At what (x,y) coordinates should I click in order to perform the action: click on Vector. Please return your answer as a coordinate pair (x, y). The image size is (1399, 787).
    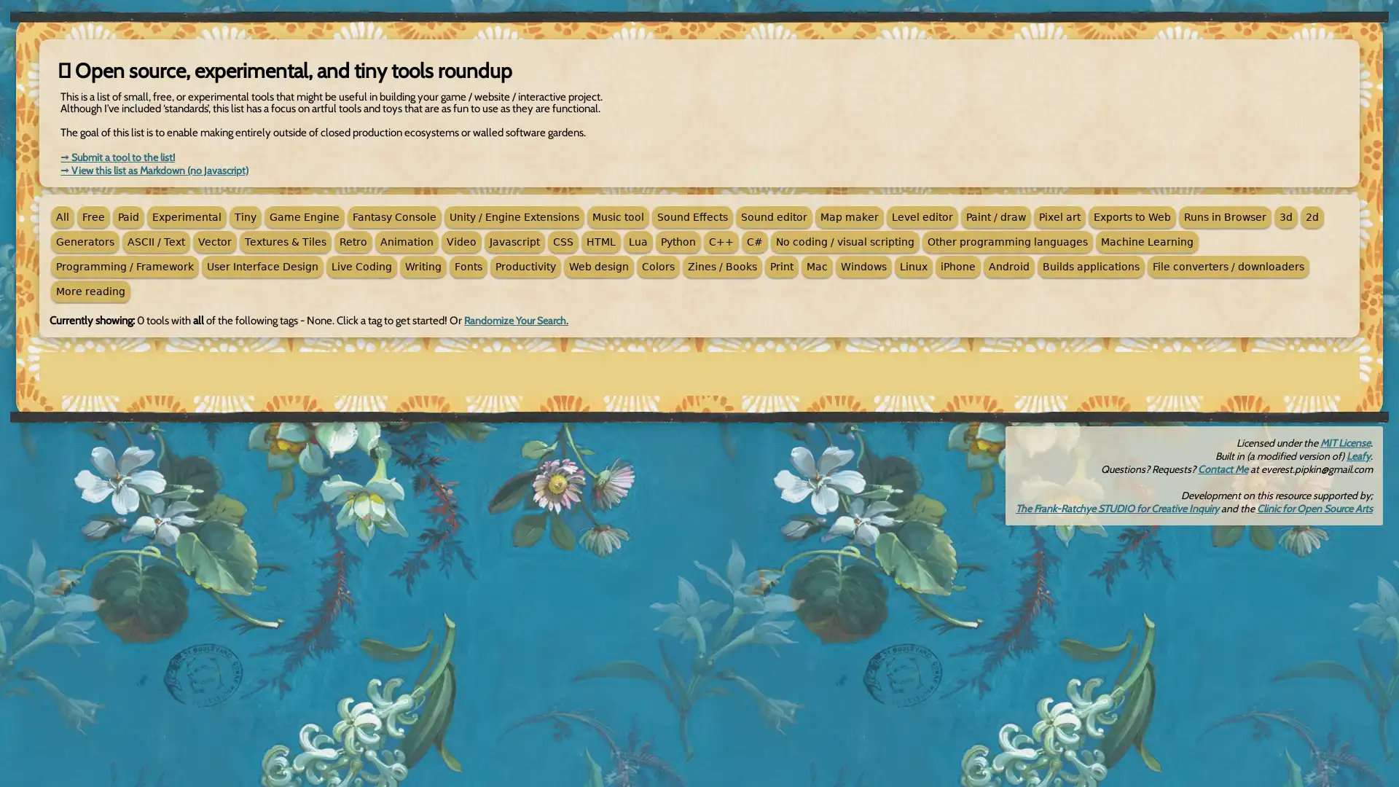
    Looking at the image, I should click on (213, 240).